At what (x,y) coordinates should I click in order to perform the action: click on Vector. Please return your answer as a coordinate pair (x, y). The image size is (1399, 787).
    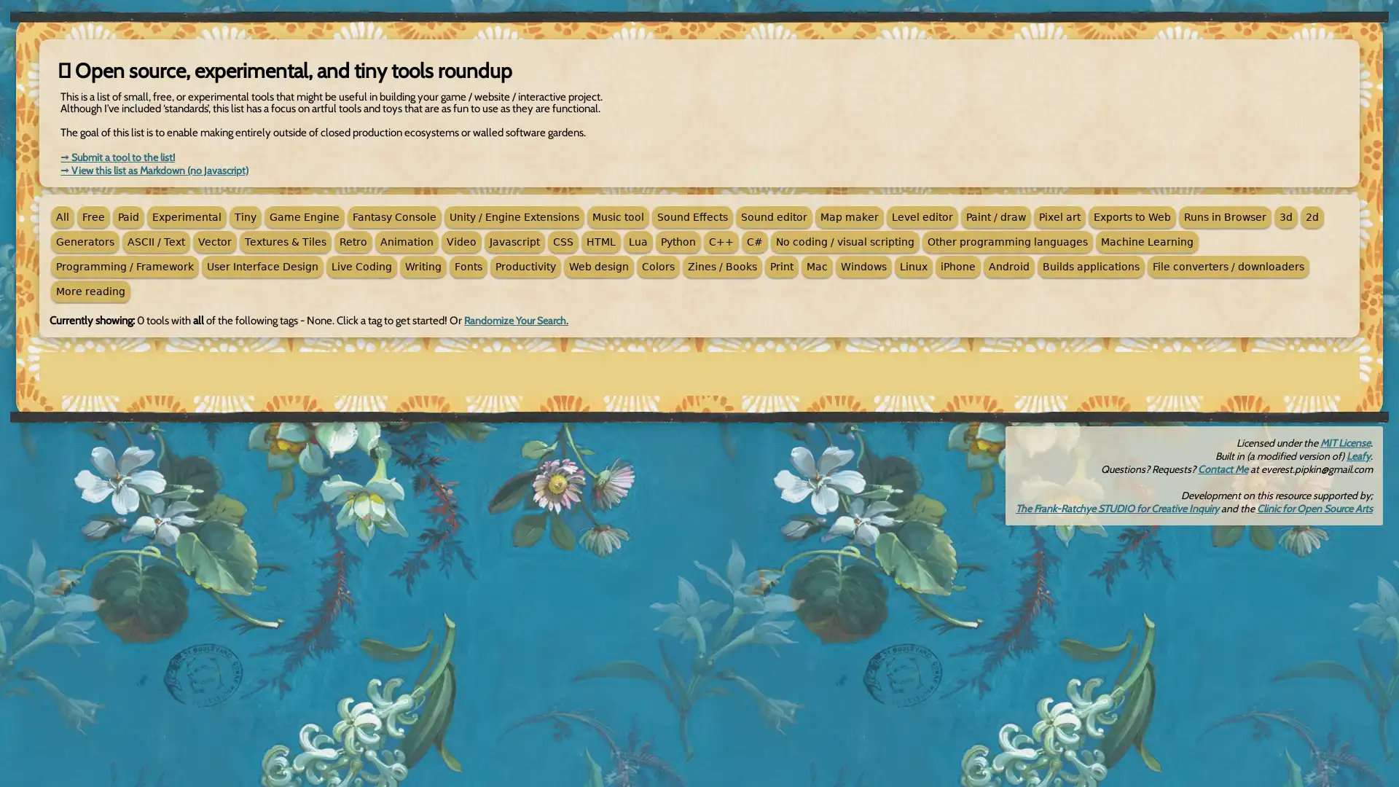
    Looking at the image, I should click on (213, 240).